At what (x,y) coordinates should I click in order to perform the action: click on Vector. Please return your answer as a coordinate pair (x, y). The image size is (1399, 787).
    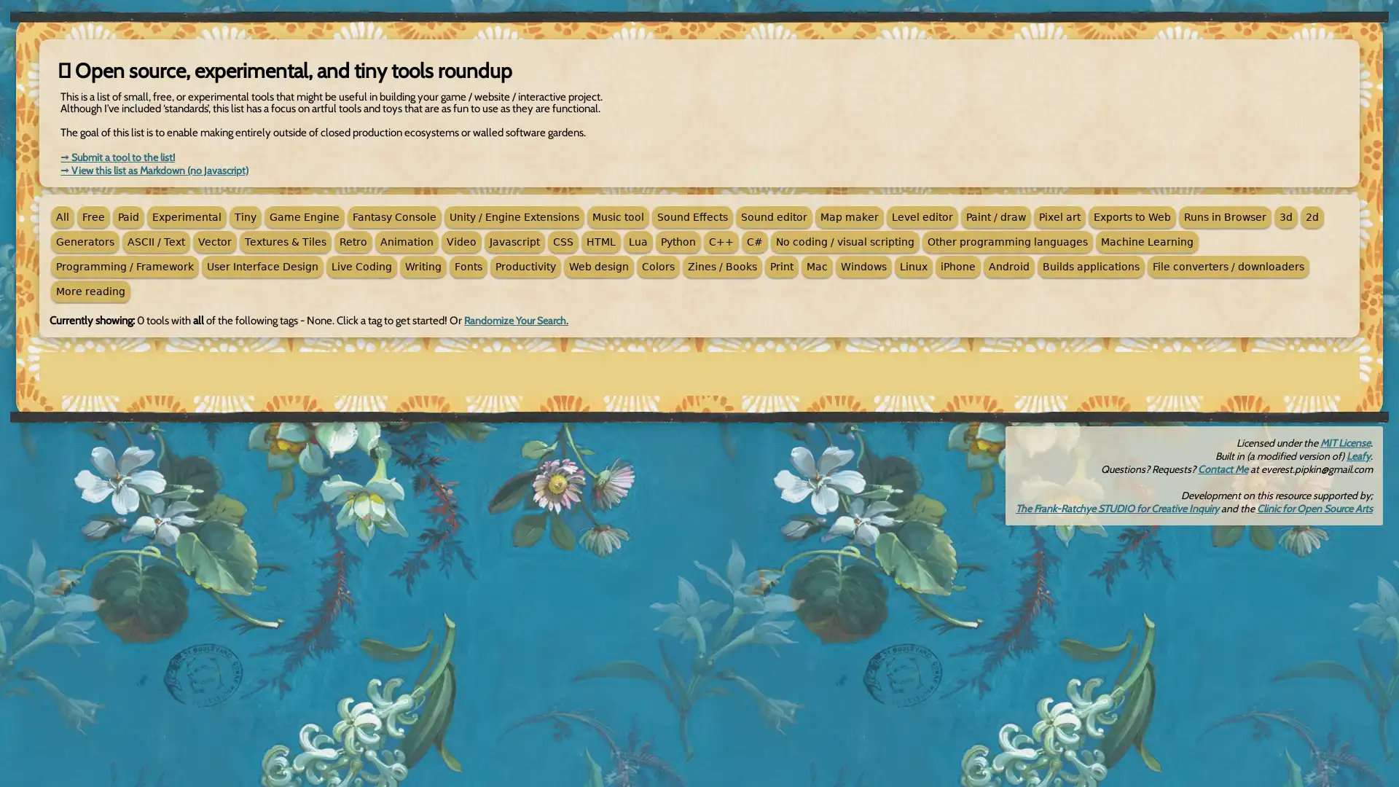
    Looking at the image, I should click on (213, 240).